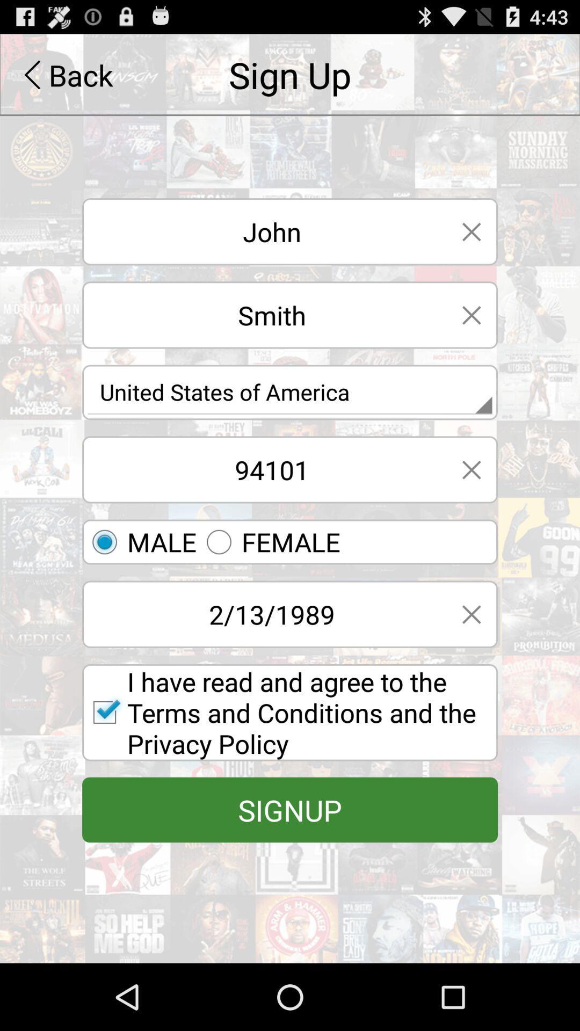  What do you see at coordinates (471, 231) in the screenshot?
I see `option` at bounding box center [471, 231].